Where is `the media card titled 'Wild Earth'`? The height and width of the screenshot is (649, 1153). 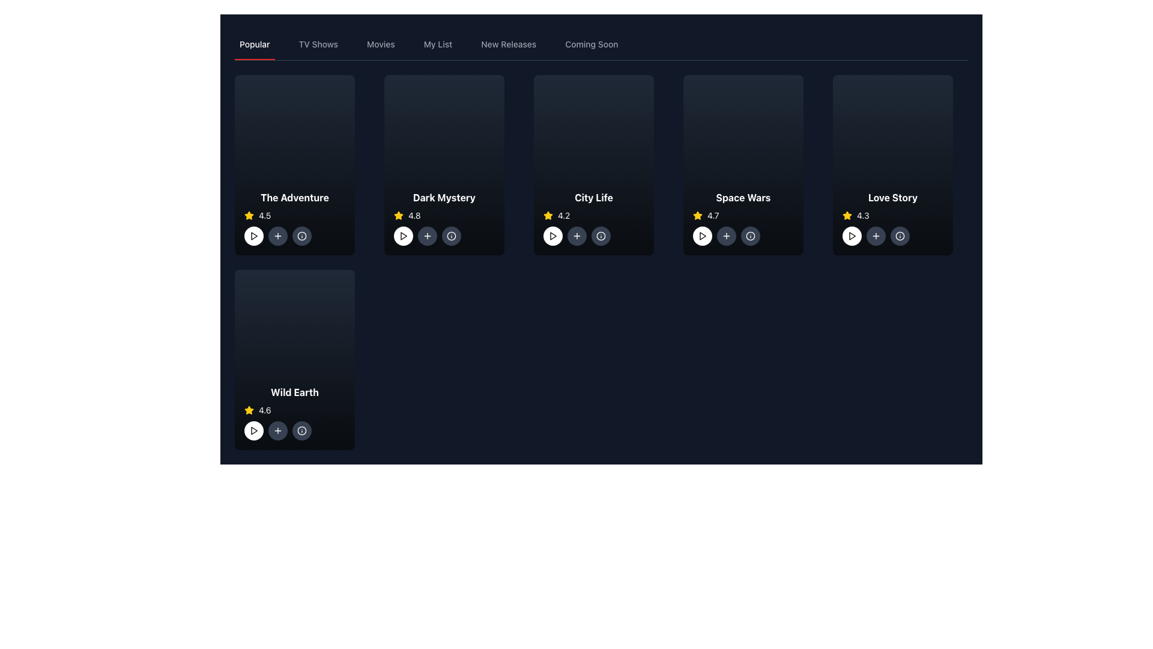 the media card titled 'Wild Earth' is located at coordinates (294, 359).